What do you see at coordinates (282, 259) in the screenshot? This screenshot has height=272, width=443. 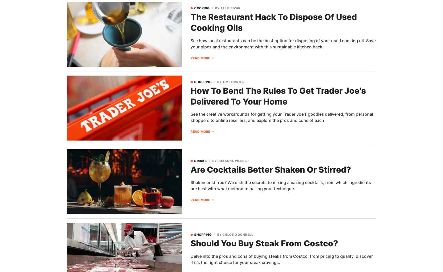 I see `'Delve into the pros and cons of buying steaks from Costco, from pricing to quality, discover if it's the right choice for your steak cravings.'` at bounding box center [282, 259].